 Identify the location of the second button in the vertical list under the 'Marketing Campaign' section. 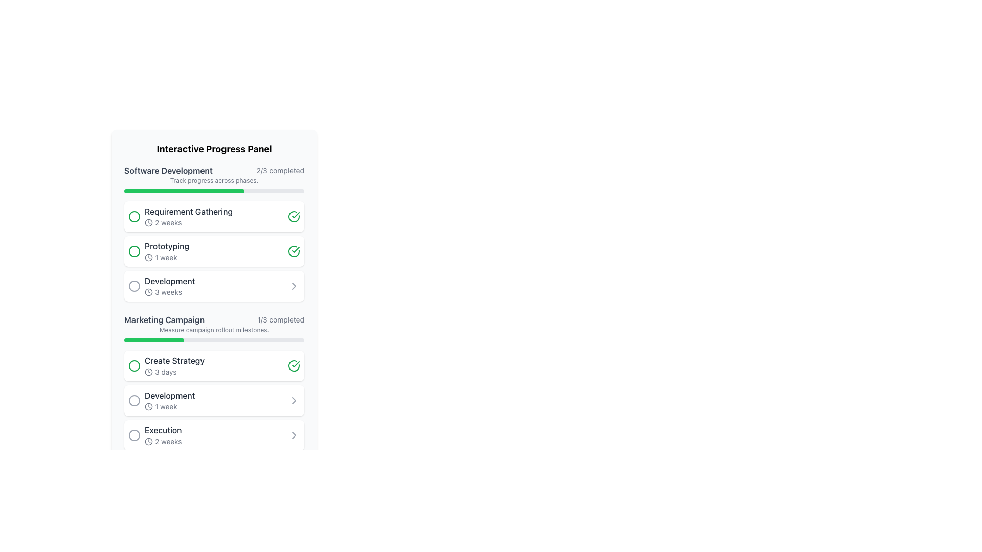
(213, 400).